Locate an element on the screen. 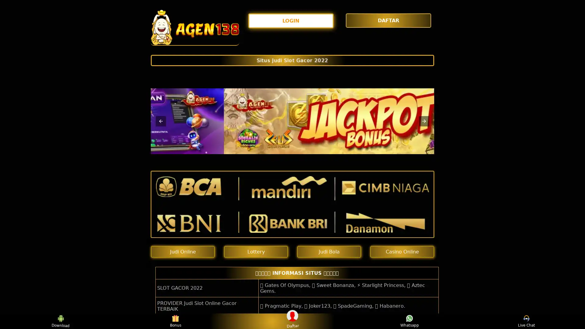 The height and width of the screenshot is (329, 585). Next item in carousel (1 of 3) is located at coordinates (424, 121).